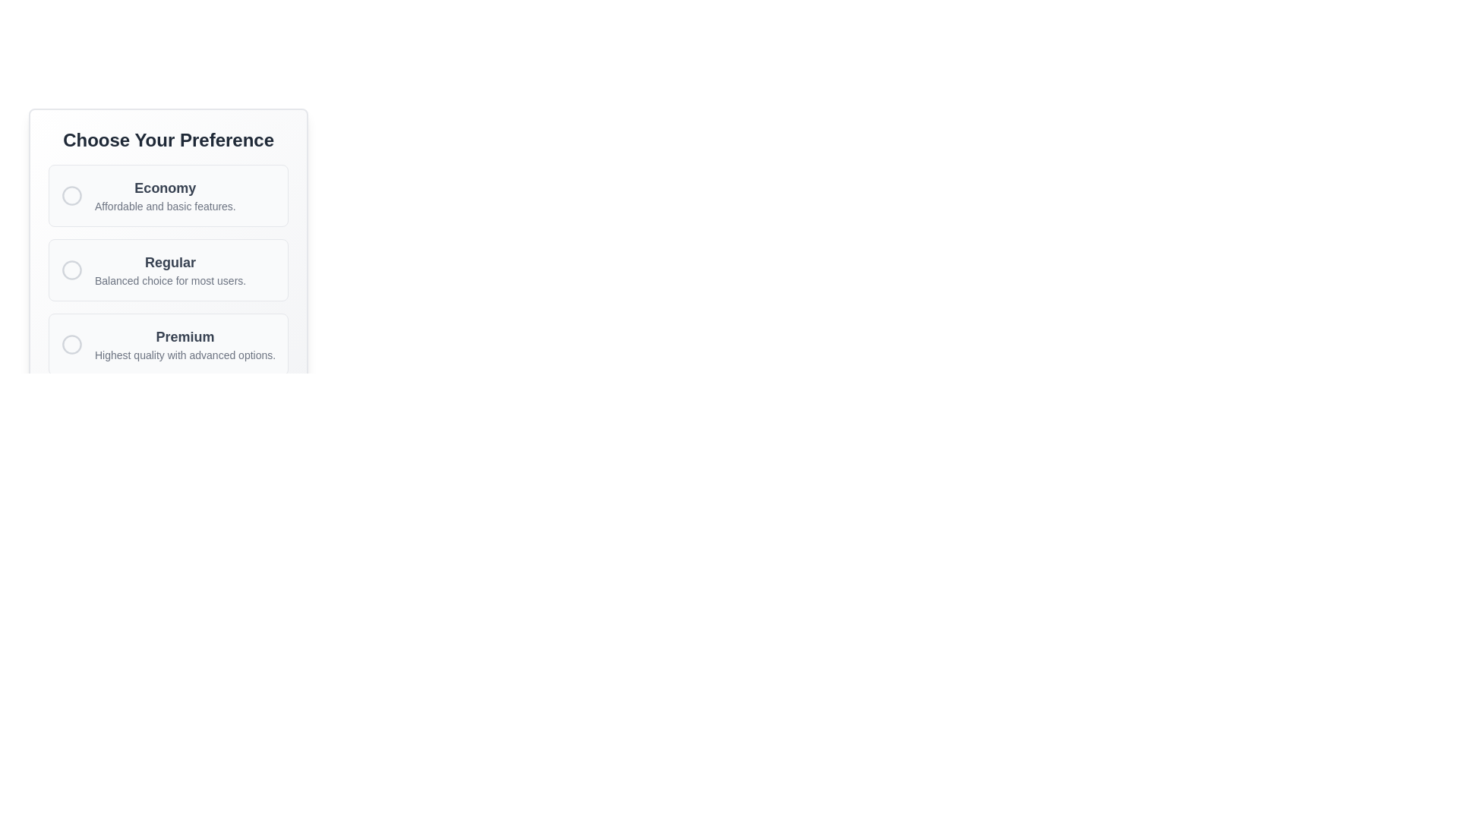 This screenshot has width=1458, height=820. Describe the element at coordinates (165, 195) in the screenshot. I see `the Label displaying 'Economy' with the description 'Affordable and basic features' located below the round indicator icon in the list of options` at that location.